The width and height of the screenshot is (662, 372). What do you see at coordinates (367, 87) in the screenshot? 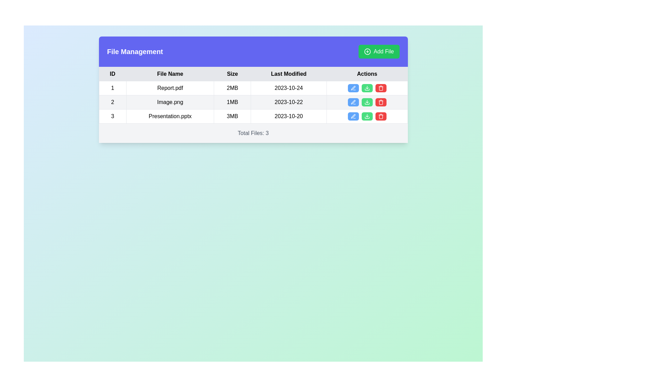
I see `the download button for the file 'Report.pdf'` at bounding box center [367, 87].